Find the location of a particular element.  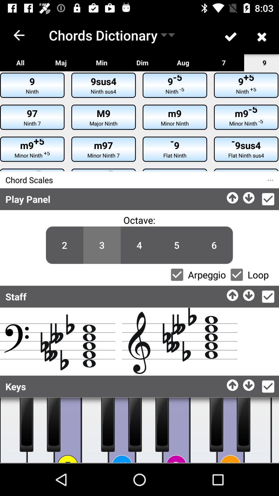

button is located at coordinates (135, 424).